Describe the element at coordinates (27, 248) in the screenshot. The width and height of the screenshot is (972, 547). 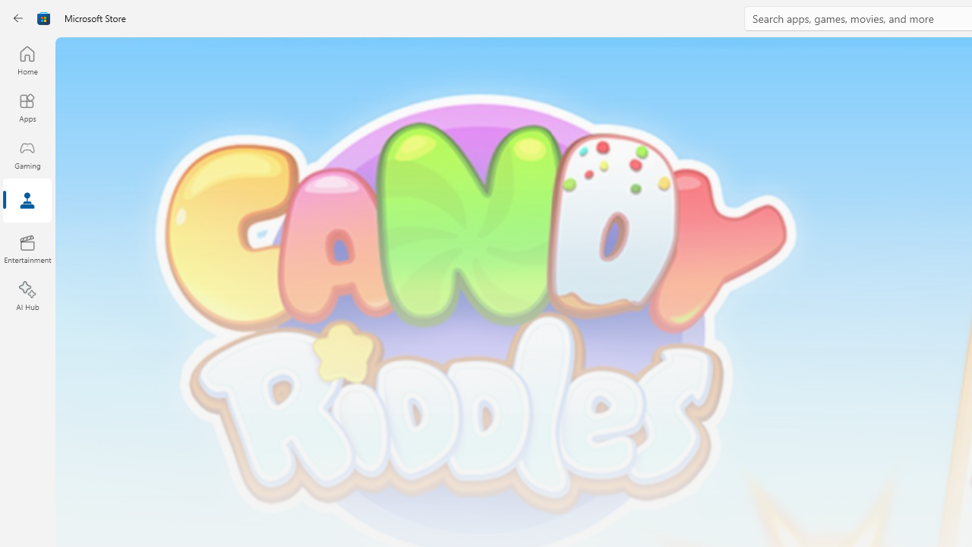
I see `'Entertainment'` at that location.